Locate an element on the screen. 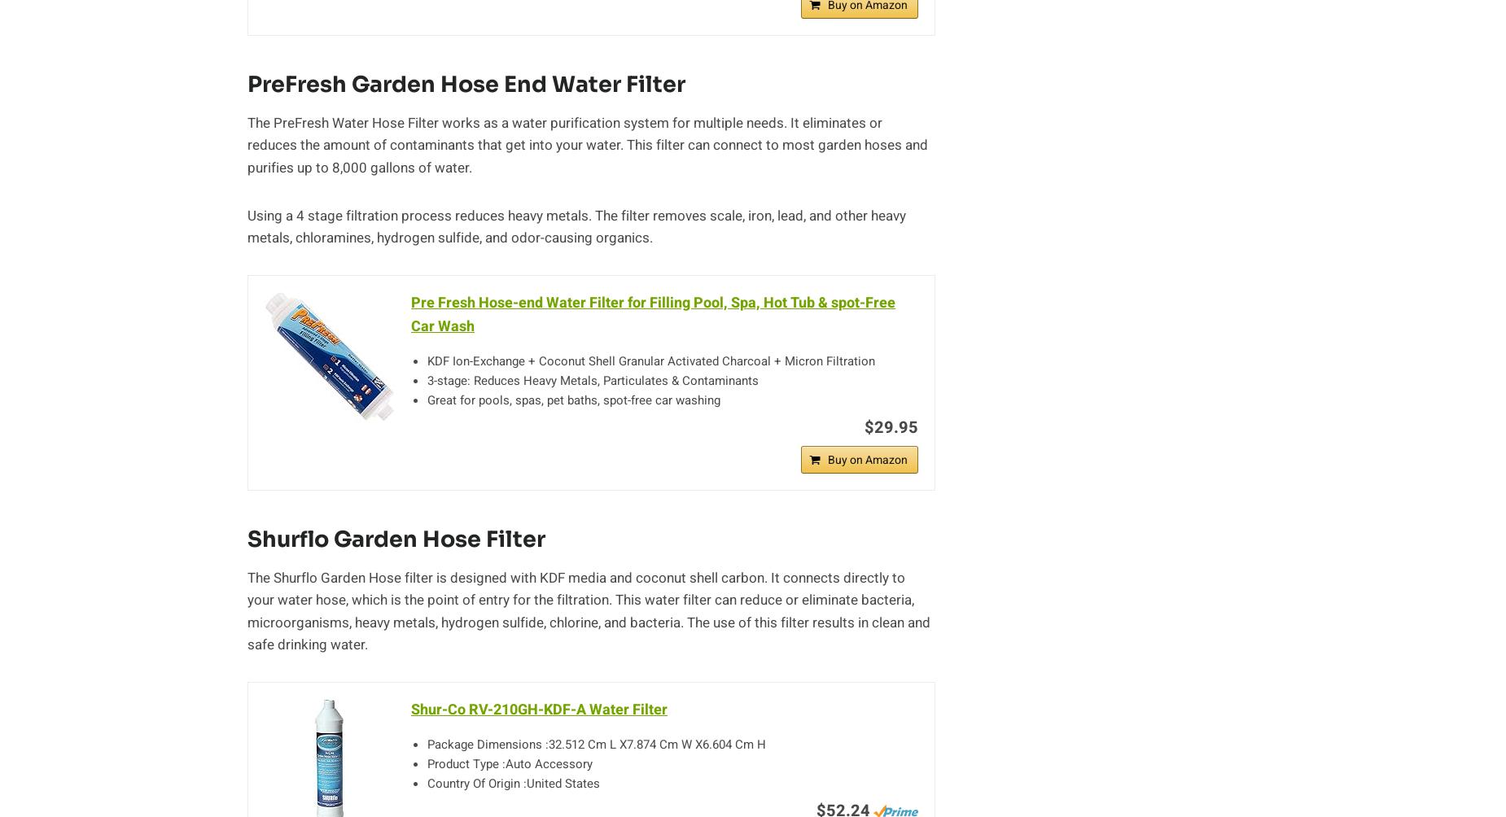 The height and width of the screenshot is (817, 1506). 'Great for pools, spas, pet baths, spot-free car washing' is located at coordinates (574, 398).